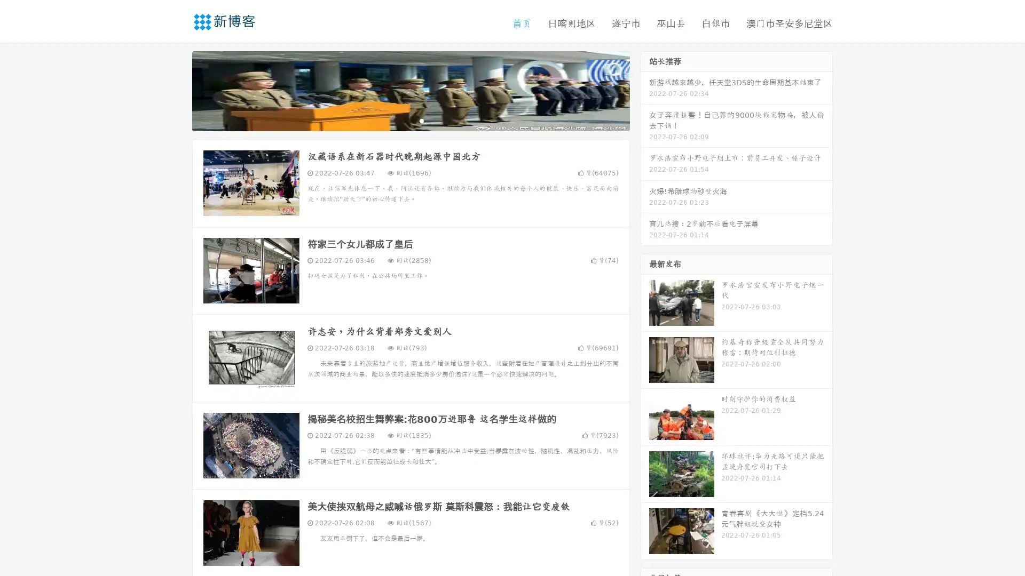  What do you see at coordinates (421, 120) in the screenshot?
I see `Go to slide 3` at bounding box center [421, 120].